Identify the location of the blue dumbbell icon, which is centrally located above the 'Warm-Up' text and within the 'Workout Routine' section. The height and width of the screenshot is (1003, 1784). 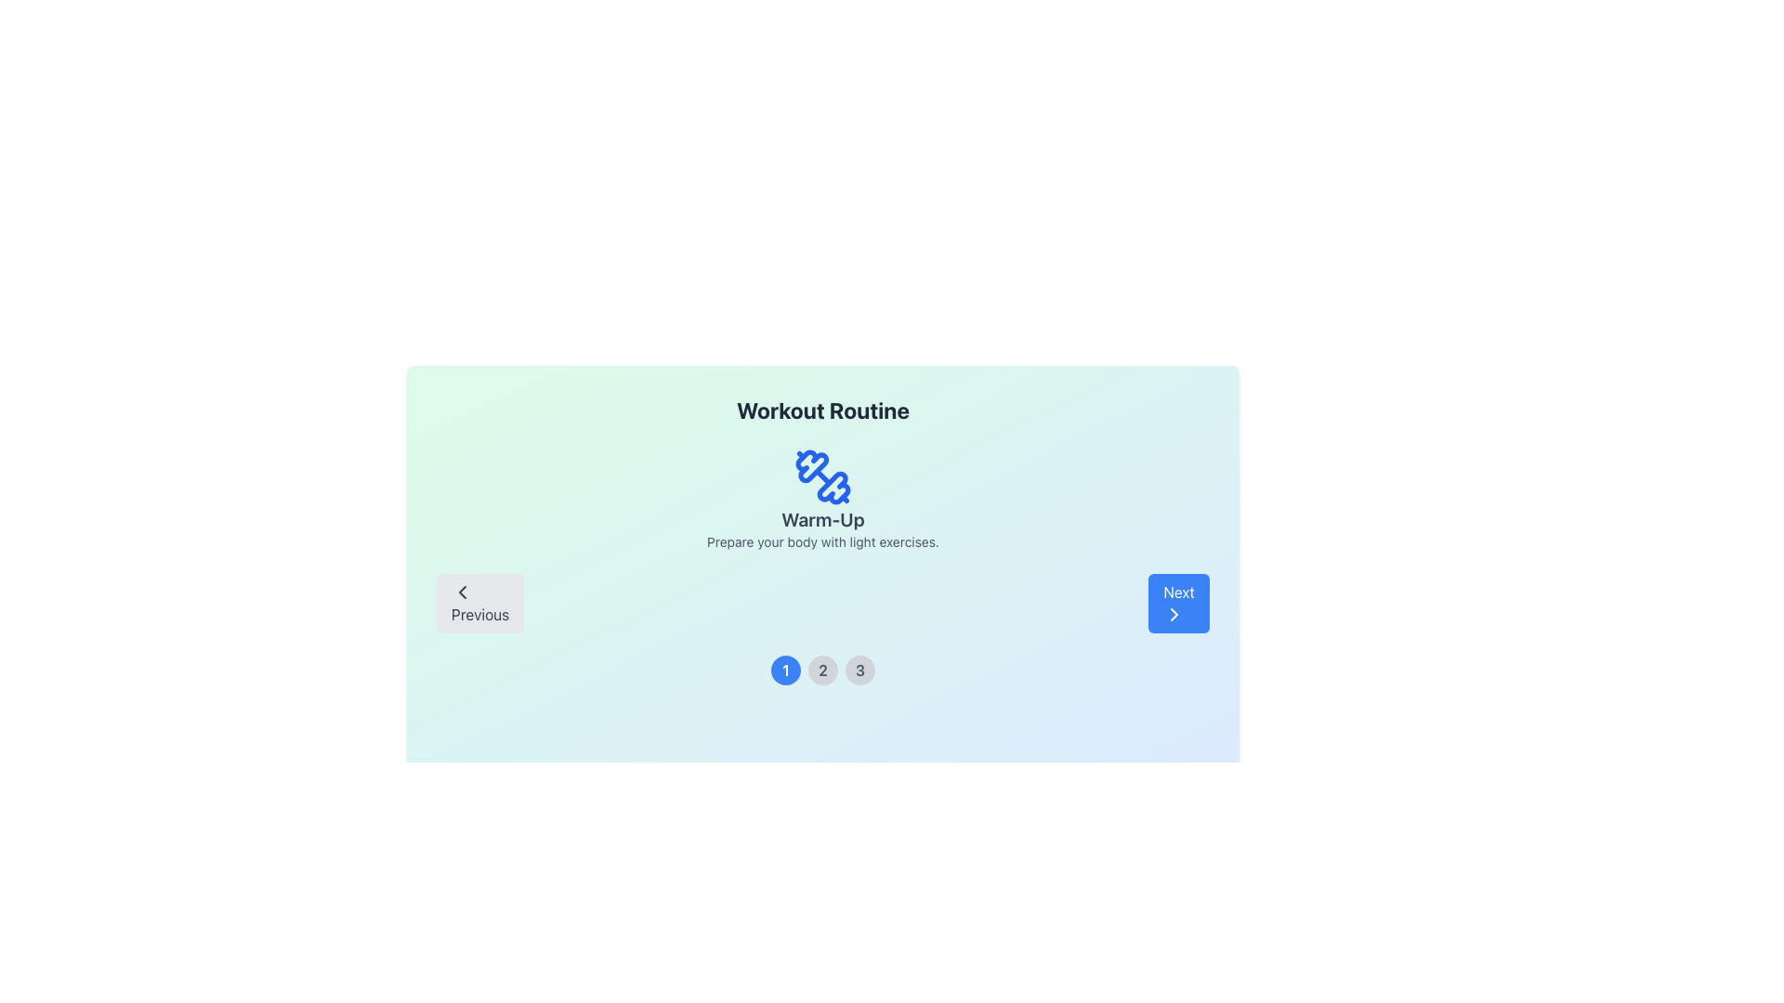
(822, 475).